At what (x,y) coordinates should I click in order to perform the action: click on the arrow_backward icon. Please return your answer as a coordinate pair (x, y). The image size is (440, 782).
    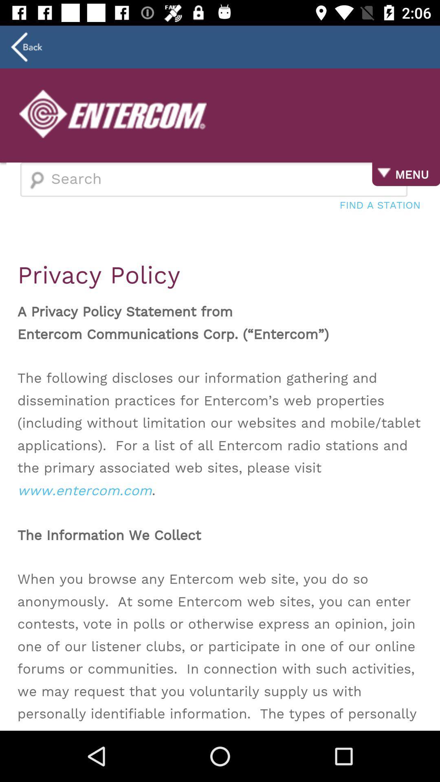
    Looking at the image, I should click on (26, 46).